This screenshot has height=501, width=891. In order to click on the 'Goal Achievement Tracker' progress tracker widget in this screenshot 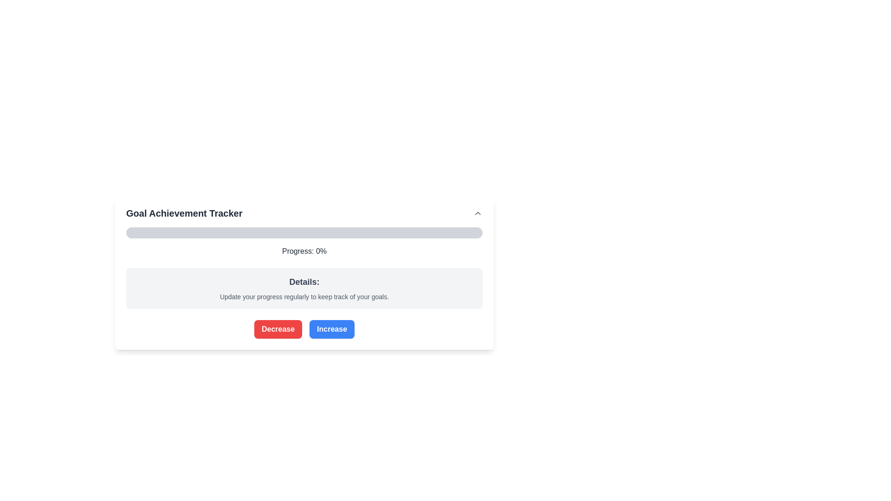, I will do `click(304, 270)`.